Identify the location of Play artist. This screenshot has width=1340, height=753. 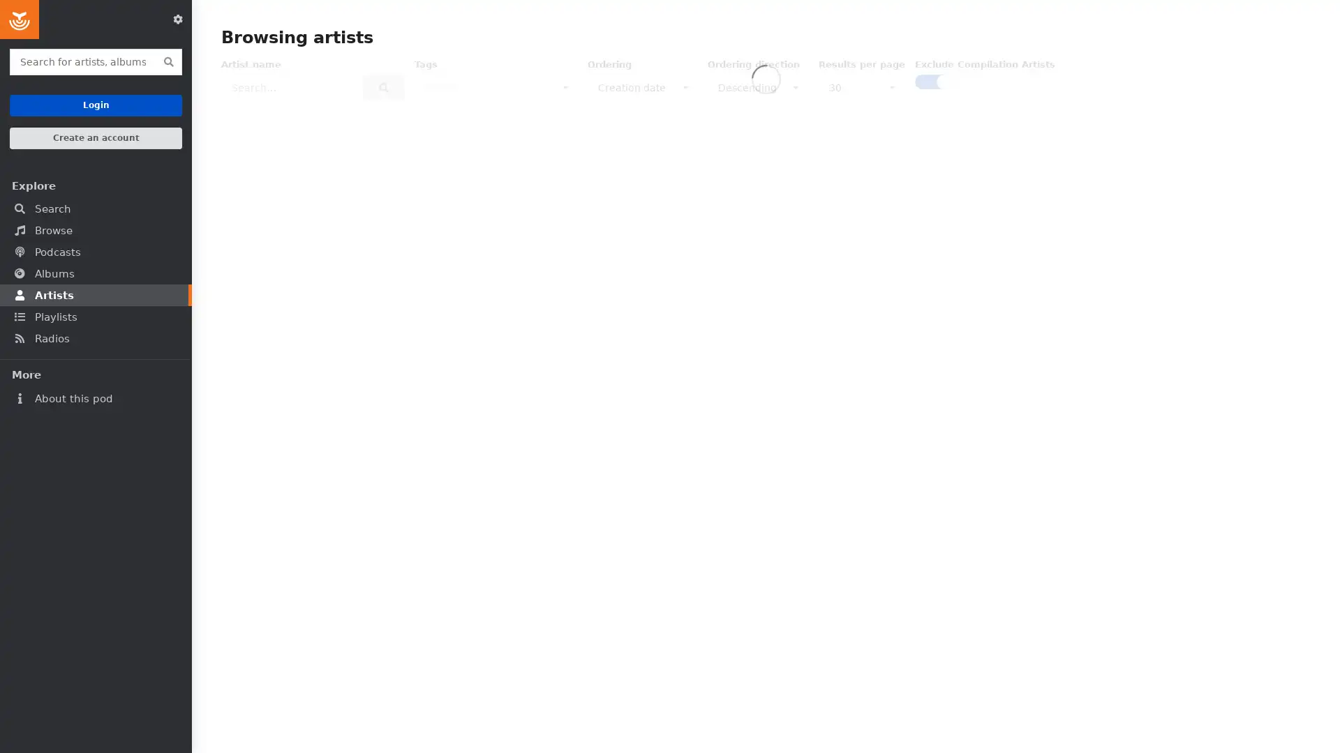
(640, 238).